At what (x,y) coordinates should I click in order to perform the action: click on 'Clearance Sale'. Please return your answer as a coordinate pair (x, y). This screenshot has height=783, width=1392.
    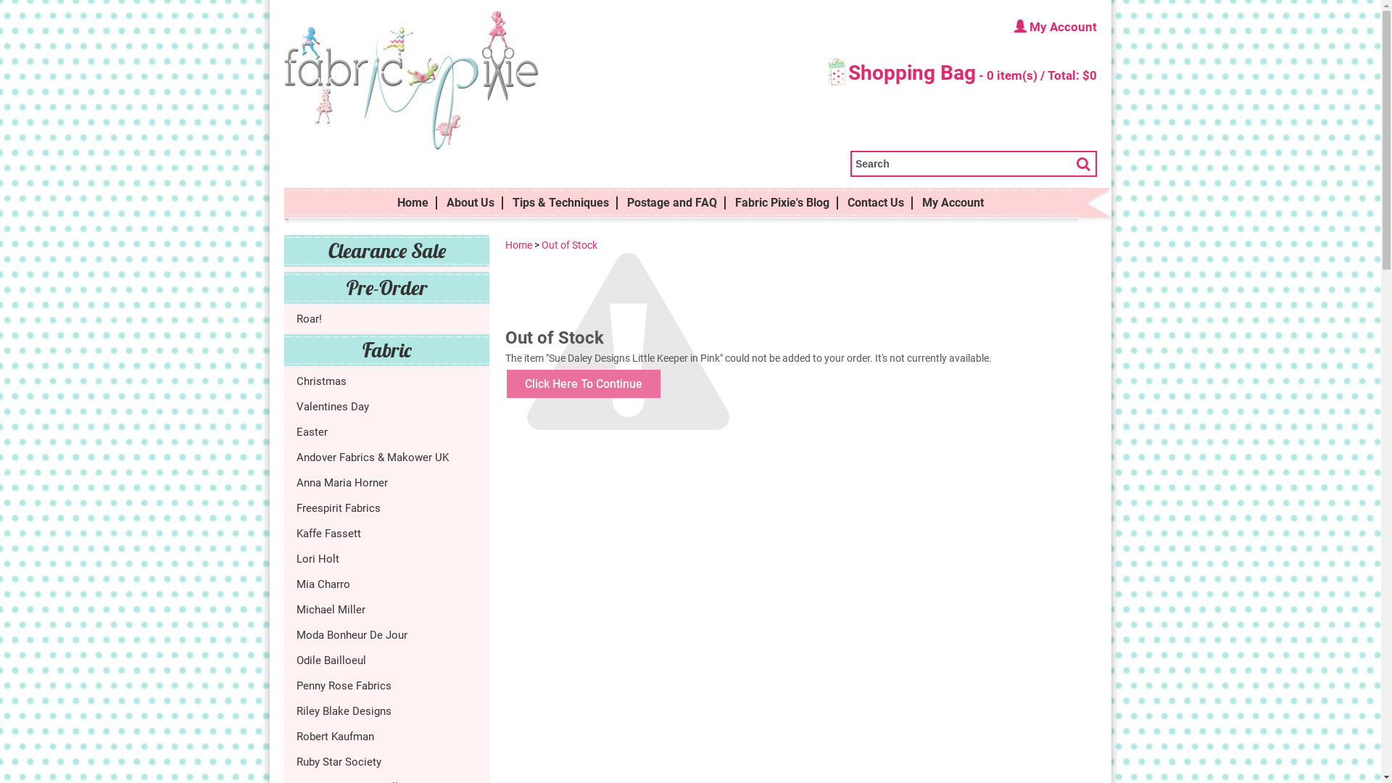
    Looking at the image, I should click on (386, 250).